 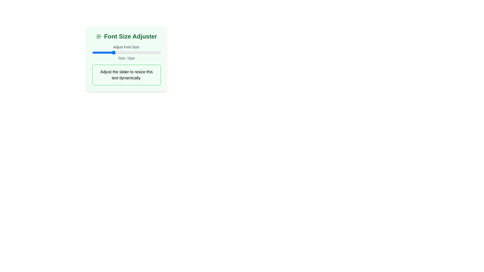 What do you see at coordinates (109, 52) in the screenshot?
I see `the slider to set the font size to 15 px` at bounding box center [109, 52].